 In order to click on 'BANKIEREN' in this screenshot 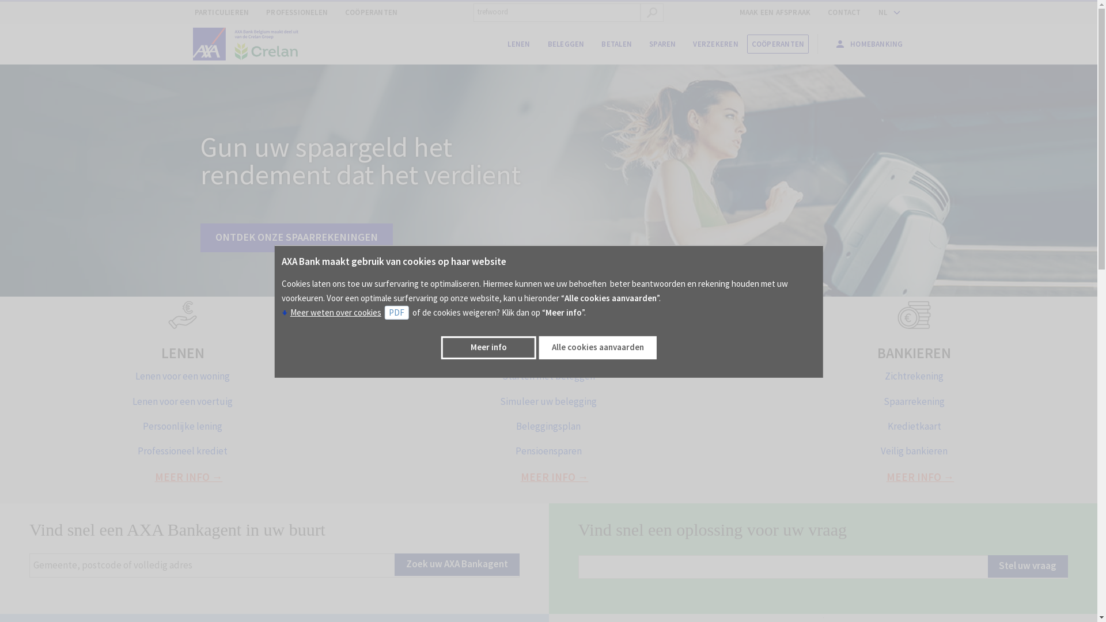, I will do `click(914, 352)`.